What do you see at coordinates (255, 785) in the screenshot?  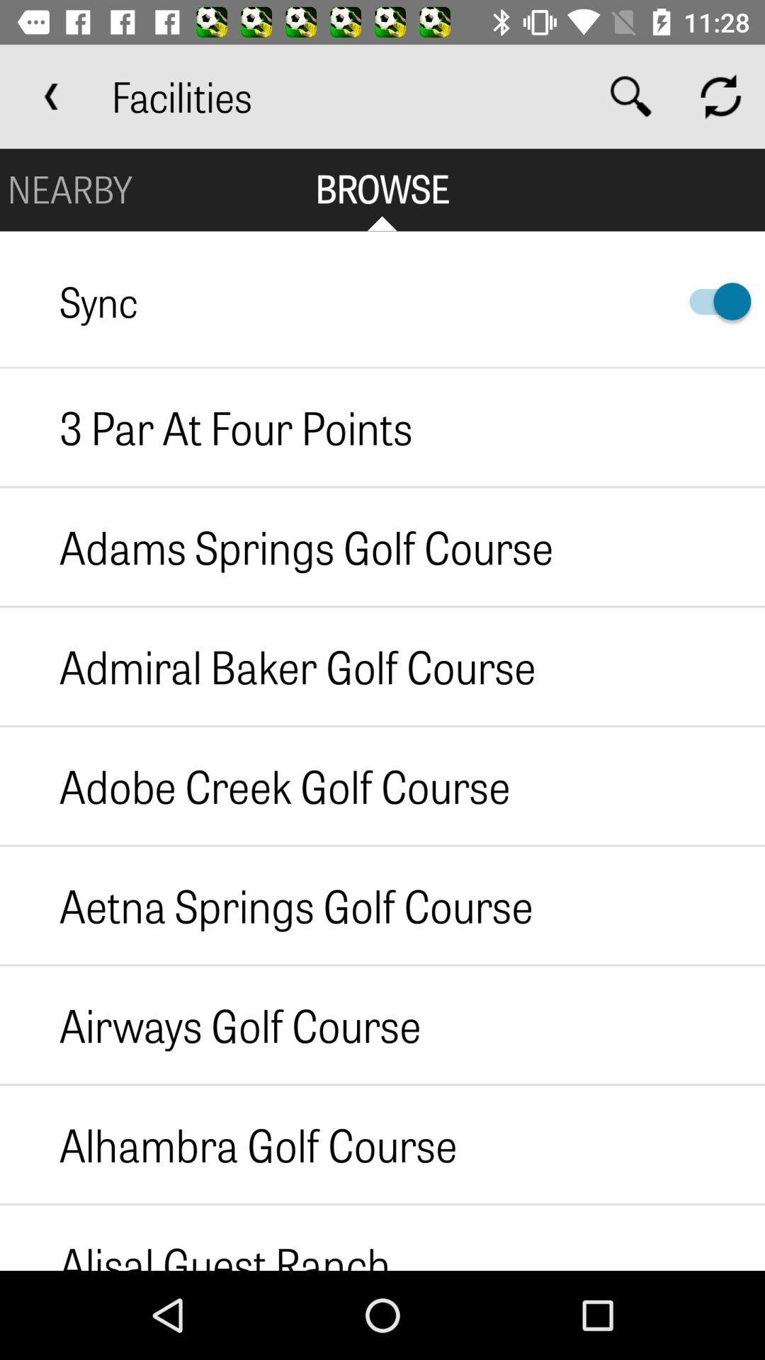 I see `the icon above aetna springs golf item` at bounding box center [255, 785].